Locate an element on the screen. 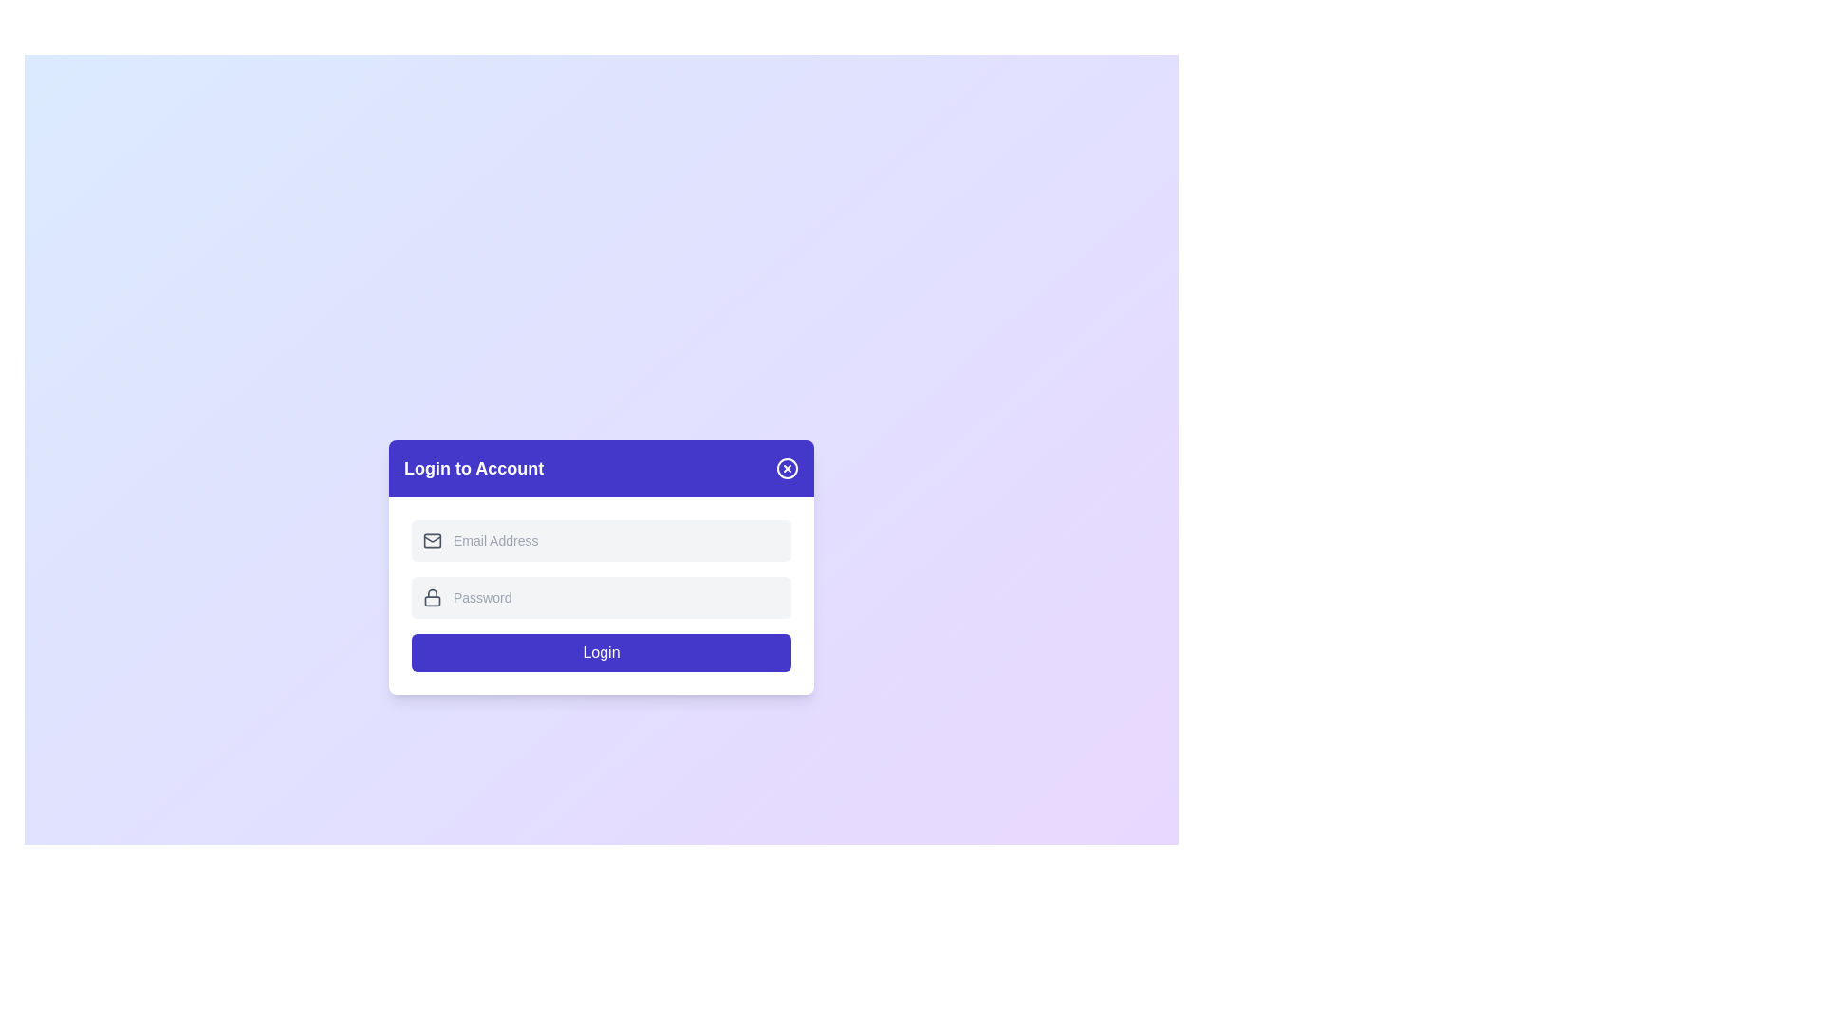  the 'Login' button to submit the form is located at coordinates (600, 651).